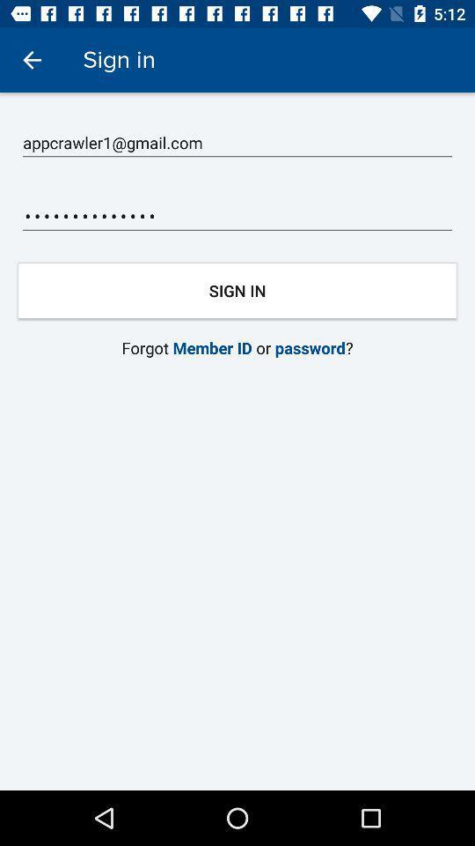 The image size is (475, 846). What do you see at coordinates (237, 142) in the screenshot?
I see `item above appcrawler3116 item` at bounding box center [237, 142].